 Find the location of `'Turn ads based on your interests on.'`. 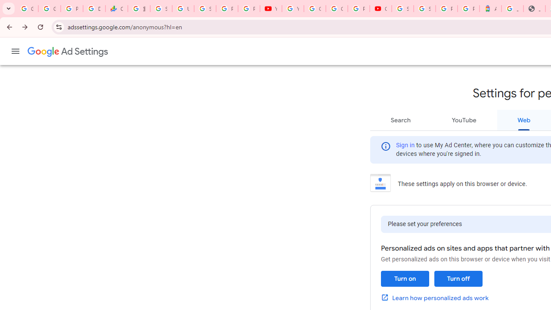

'Turn ads based on your interests on.' is located at coordinates (404, 279).